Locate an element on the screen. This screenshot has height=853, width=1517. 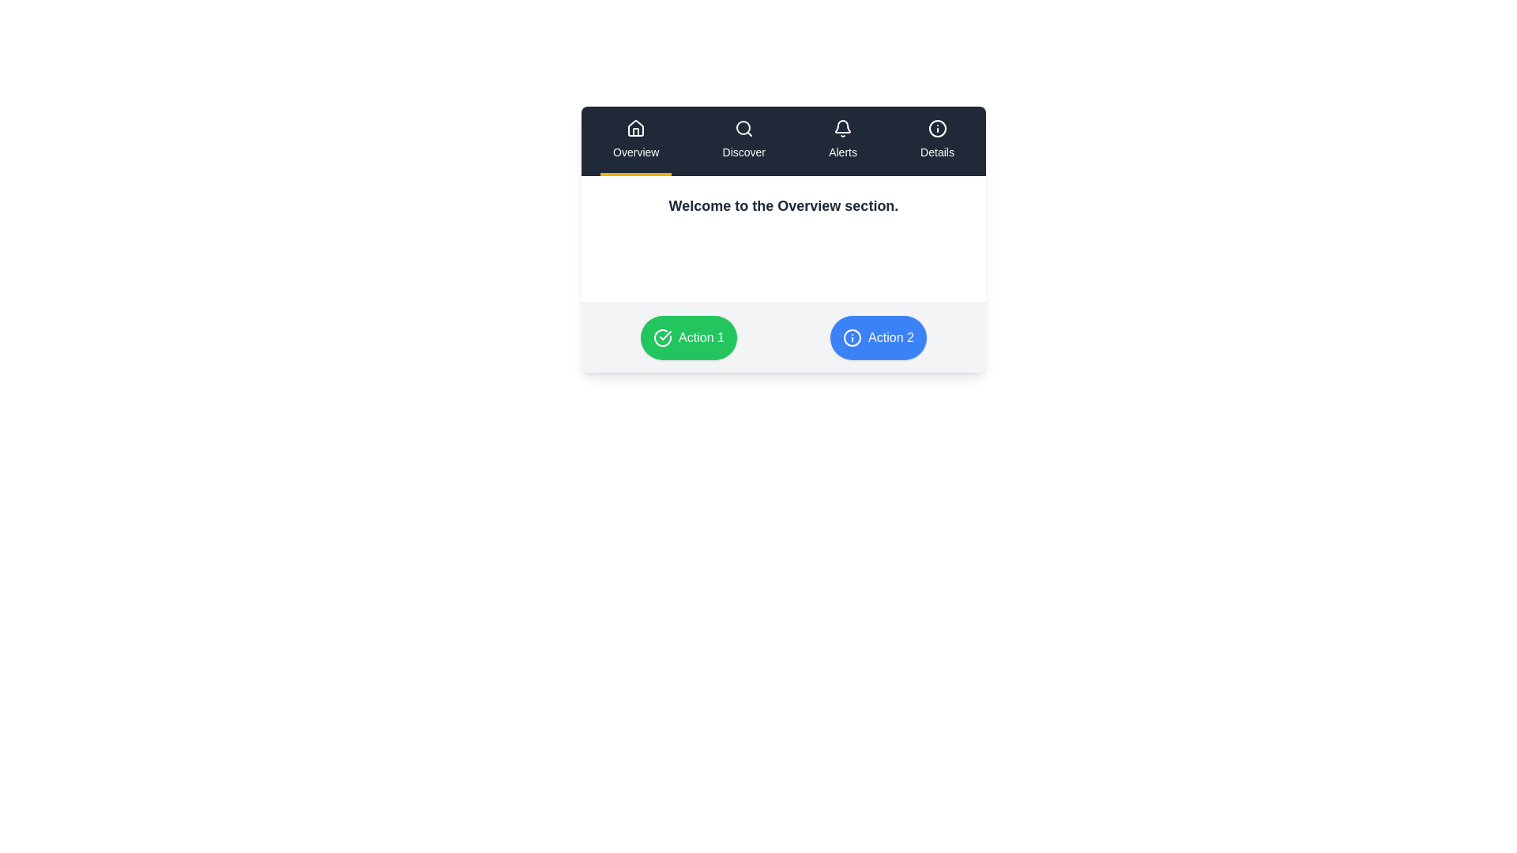
the Navigation bar at the center point to switch between sections like 'Overview', 'Discover', 'Alerts', and 'Details' is located at coordinates (784, 140).